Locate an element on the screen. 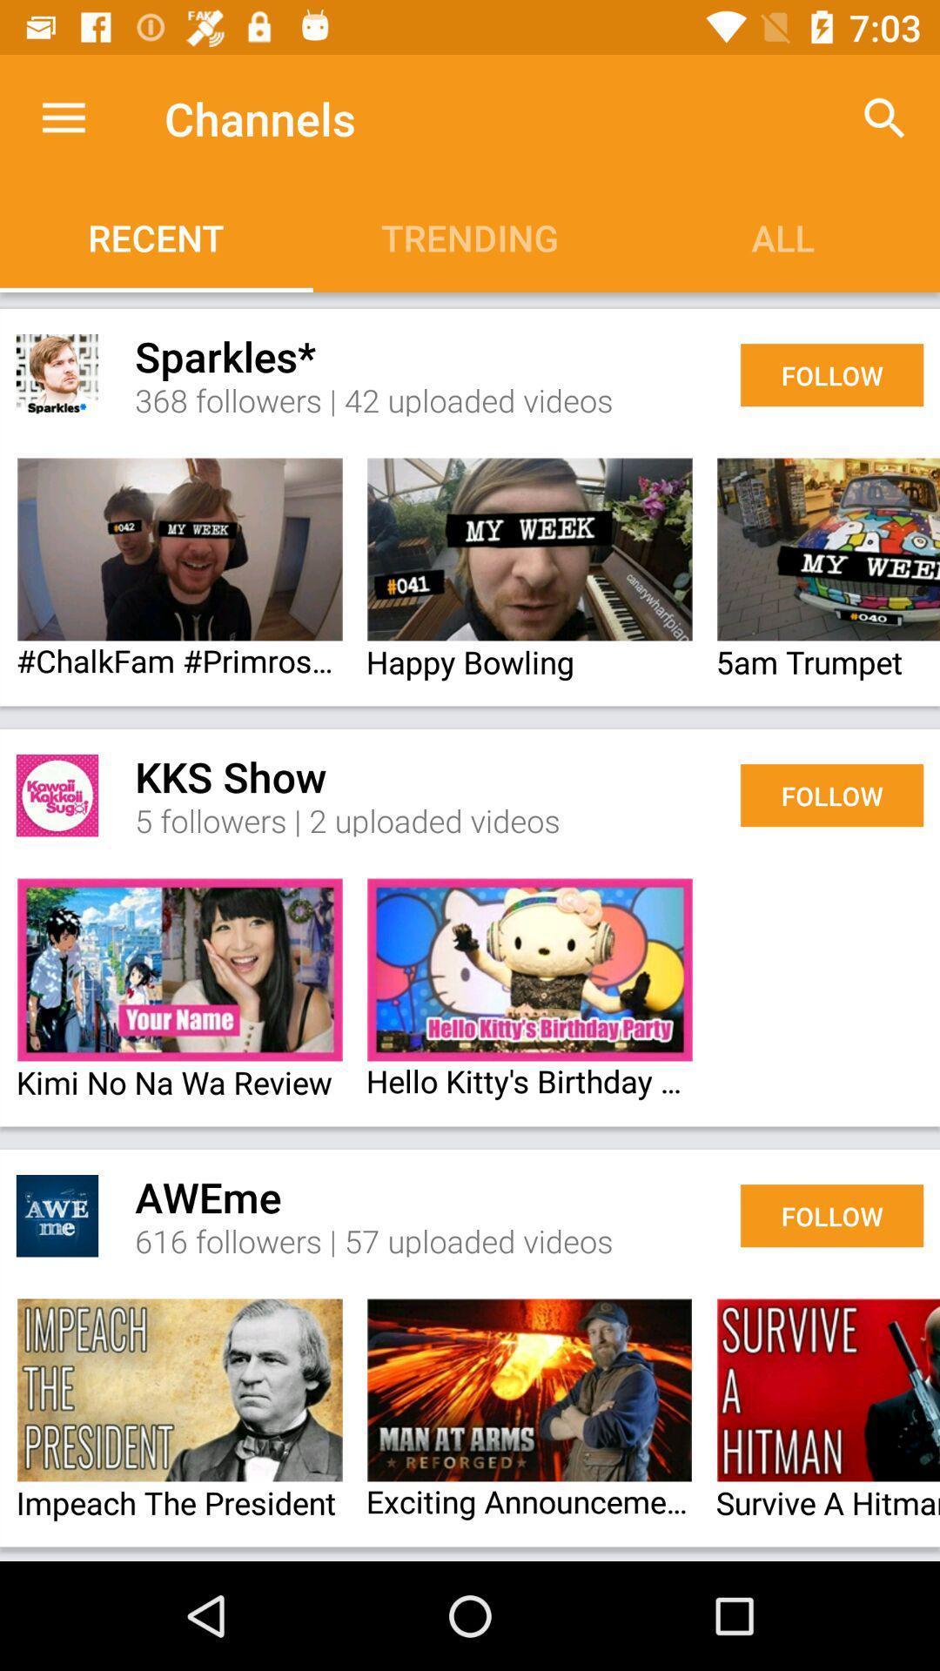 The width and height of the screenshot is (940, 1671). the item above recent icon is located at coordinates (63, 117).